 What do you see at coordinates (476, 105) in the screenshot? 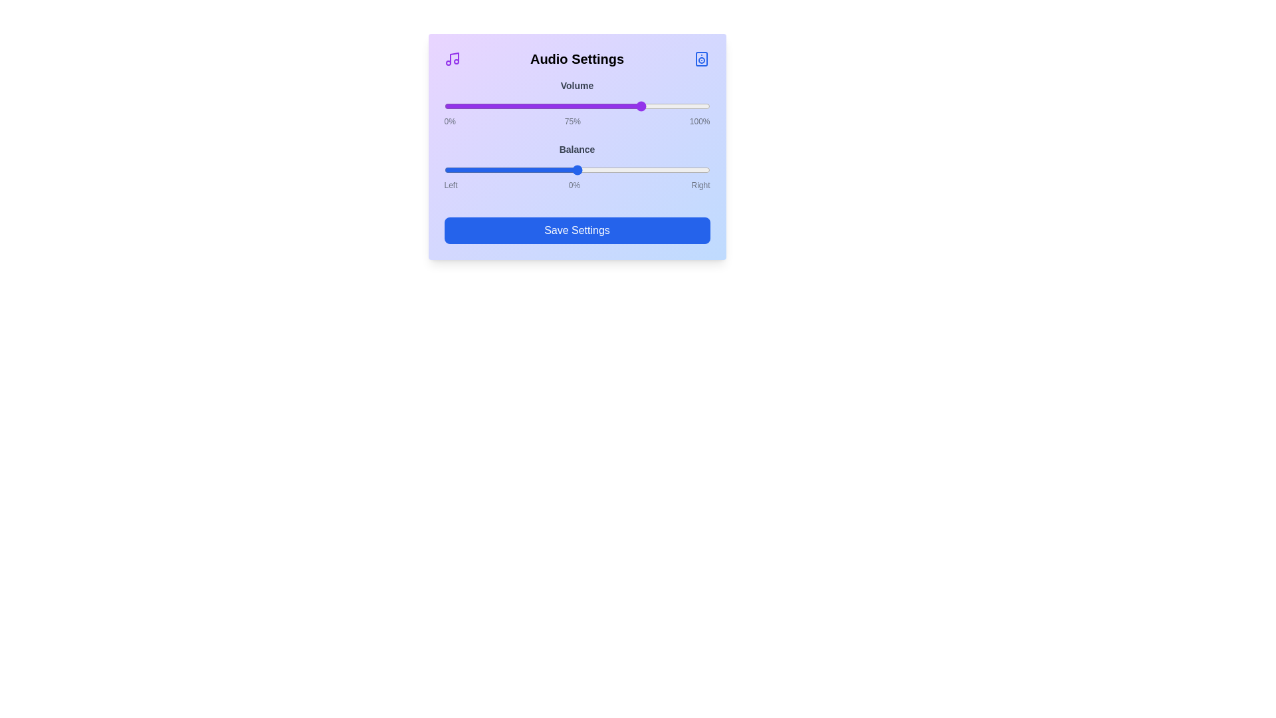
I see `the volume slider to 12%` at bounding box center [476, 105].